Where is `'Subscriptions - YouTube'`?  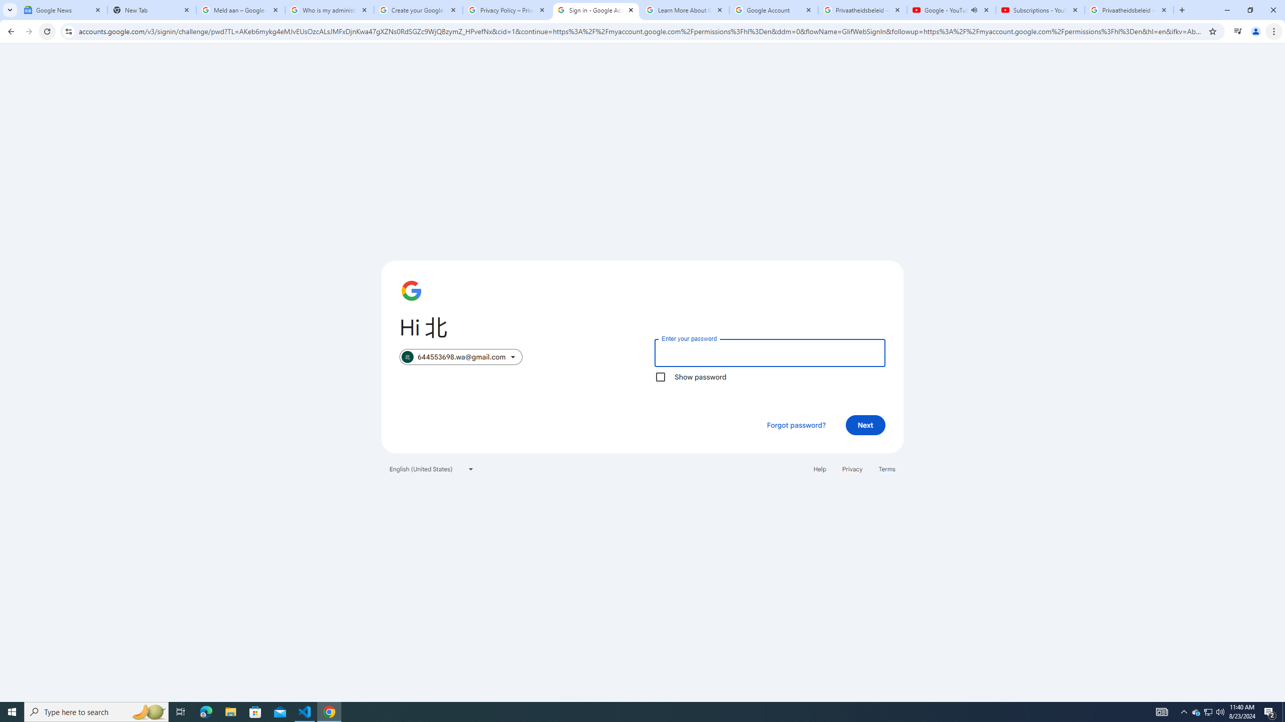 'Subscriptions - YouTube' is located at coordinates (1040, 10).